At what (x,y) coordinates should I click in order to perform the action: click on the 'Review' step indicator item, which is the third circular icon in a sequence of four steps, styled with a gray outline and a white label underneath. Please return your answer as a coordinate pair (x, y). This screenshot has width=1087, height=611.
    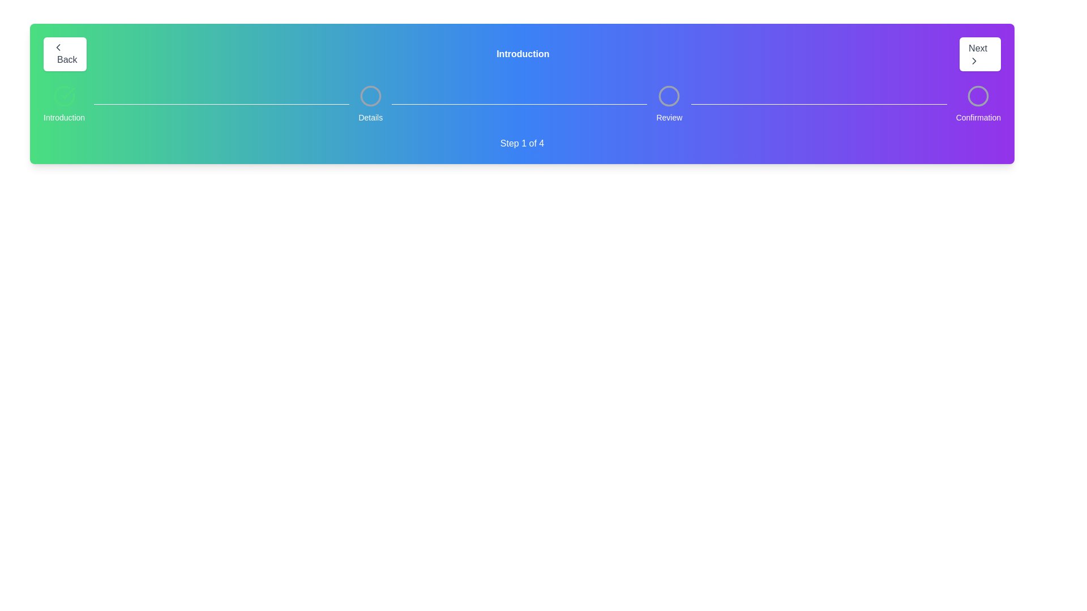
    Looking at the image, I should click on (669, 104).